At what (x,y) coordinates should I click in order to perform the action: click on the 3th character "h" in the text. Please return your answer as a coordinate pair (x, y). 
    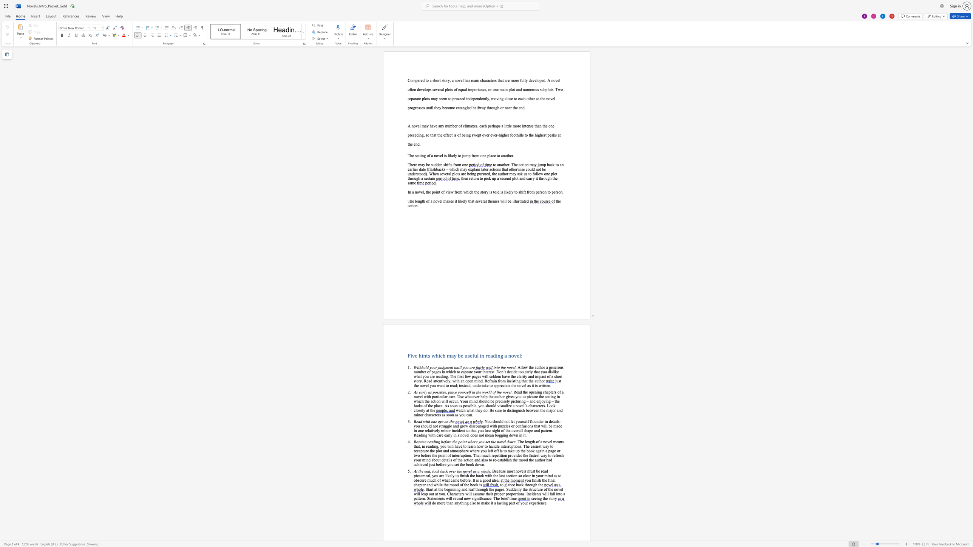
    Looking at the image, I should click on (429, 396).